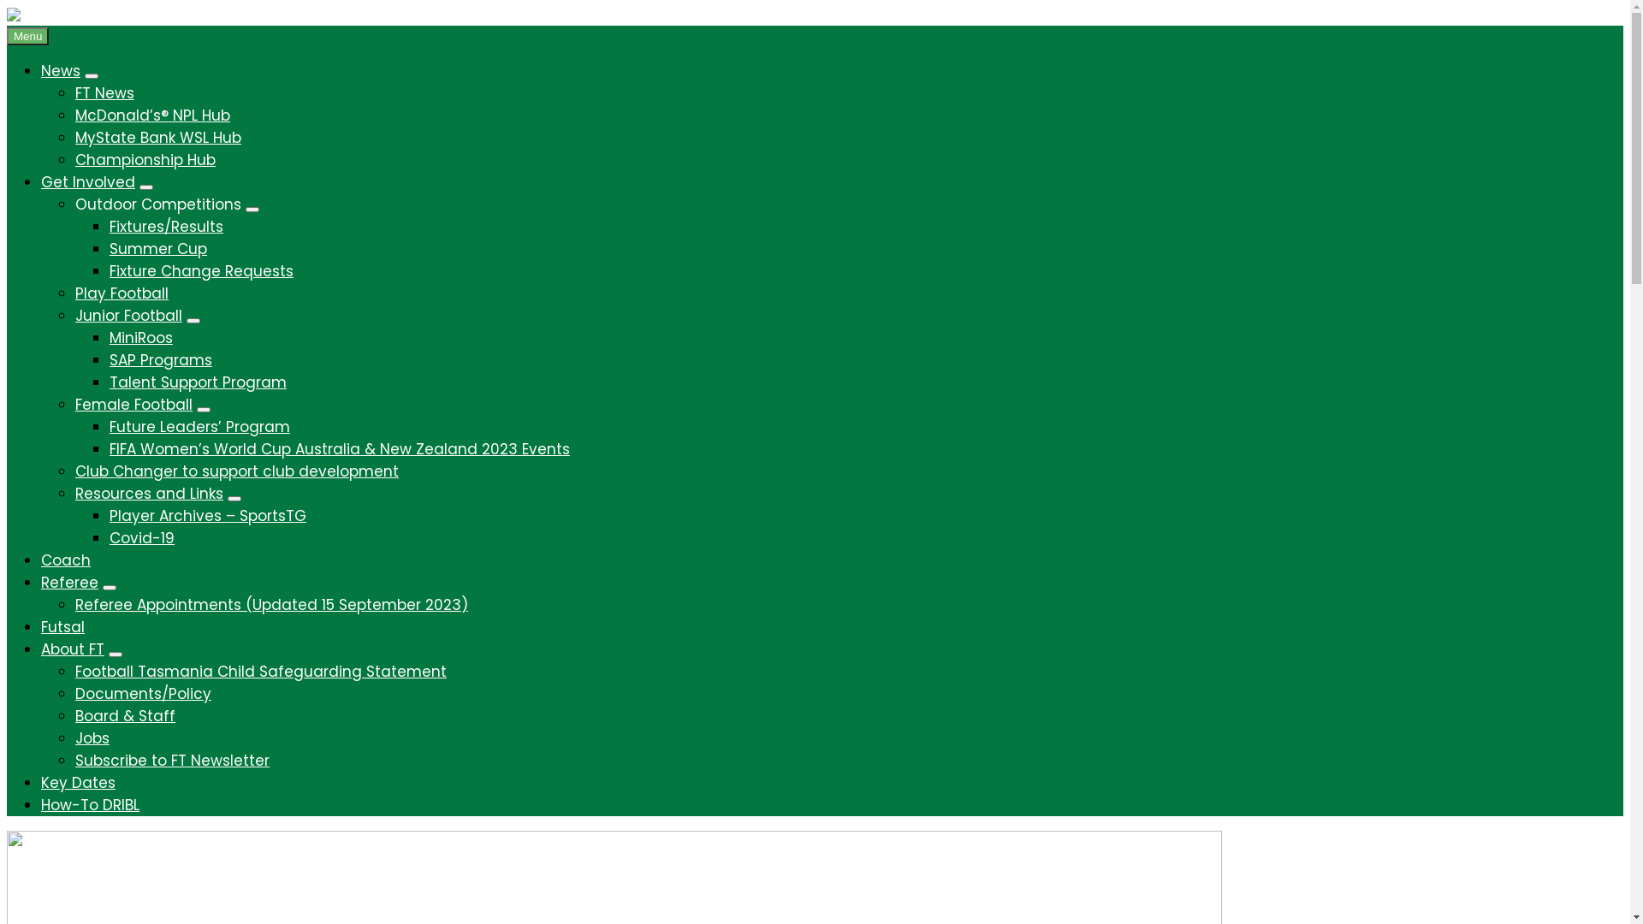 The width and height of the screenshot is (1643, 924). Describe the element at coordinates (61, 70) in the screenshot. I see `'News'` at that location.